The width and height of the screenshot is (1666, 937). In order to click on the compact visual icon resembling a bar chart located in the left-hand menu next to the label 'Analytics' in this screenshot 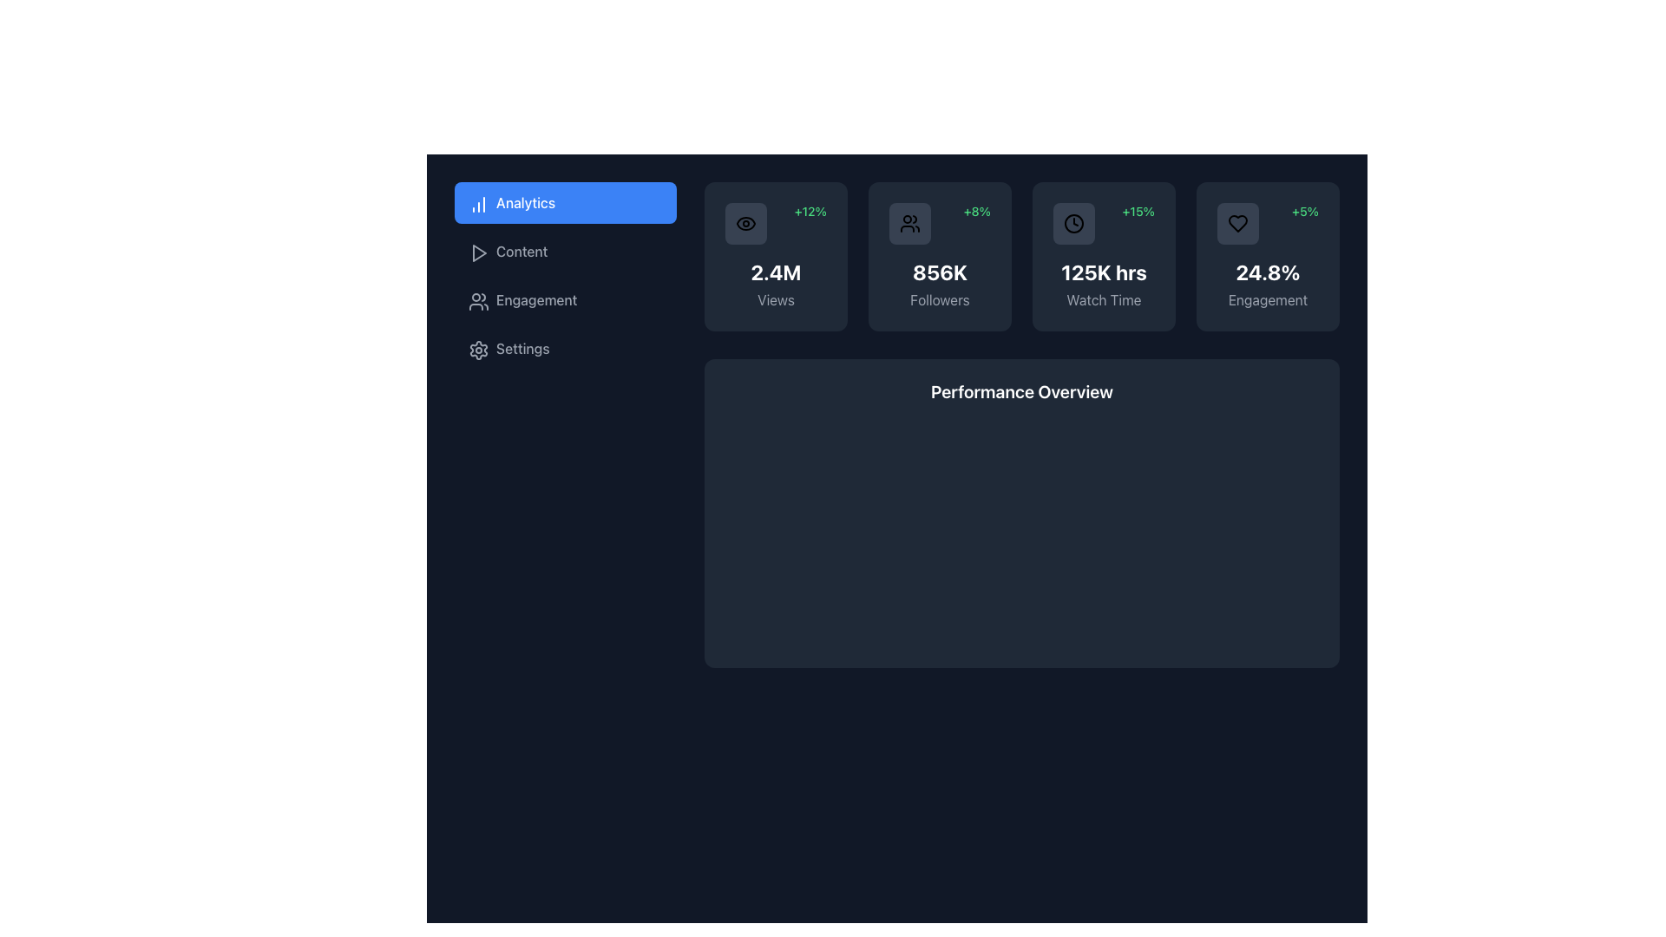, I will do `click(477, 202)`.